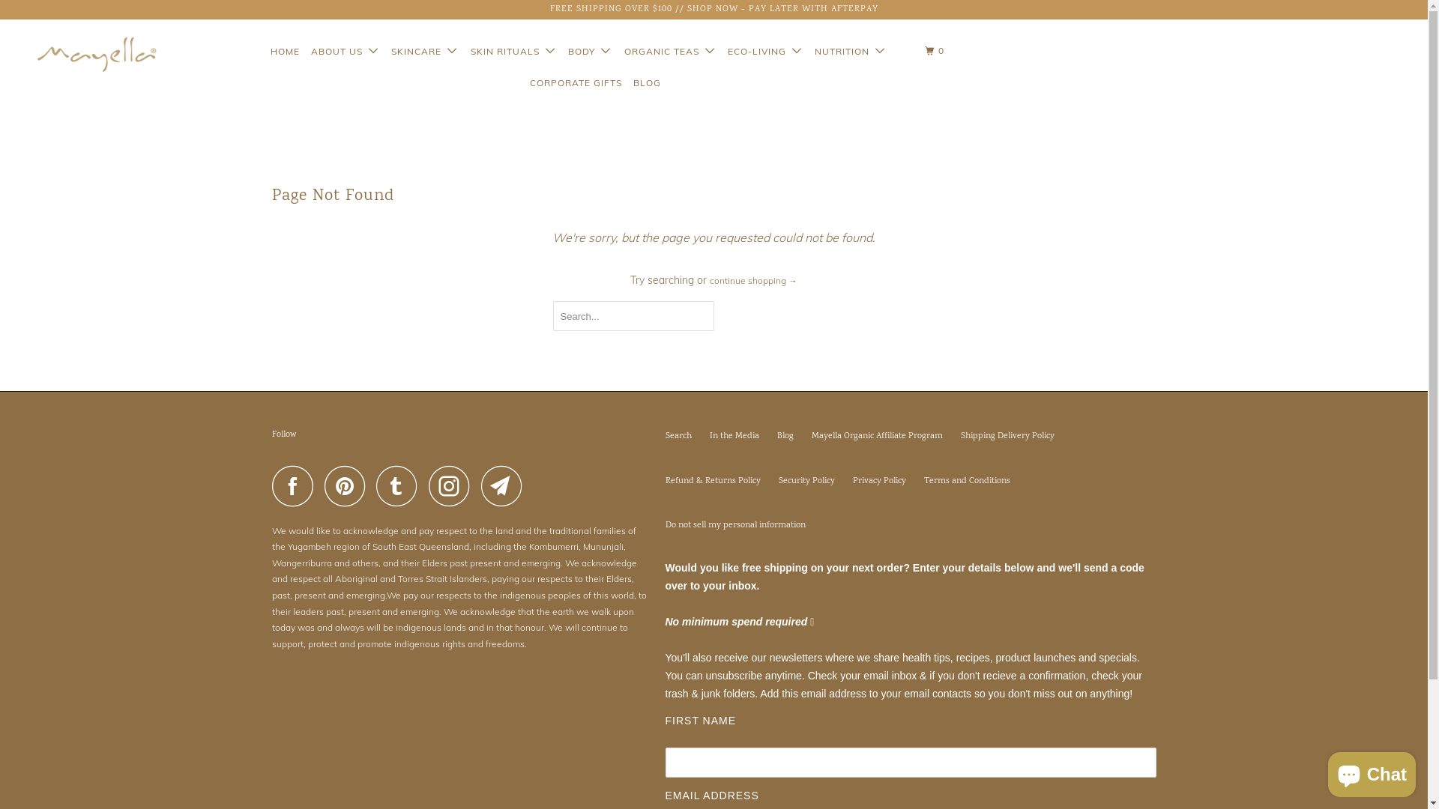 The image size is (1439, 809). What do you see at coordinates (83, 53) in the screenshot?
I see `'Mayella Organics'` at bounding box center [83, 53].